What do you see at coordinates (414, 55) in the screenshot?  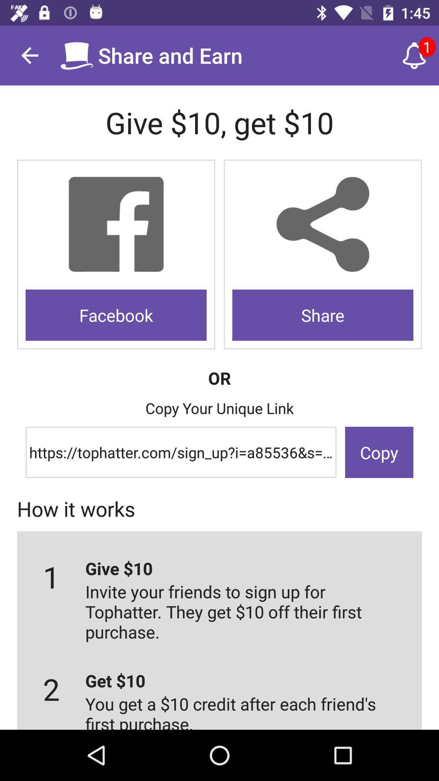 I see `notification` at bounding box center [414, 55].